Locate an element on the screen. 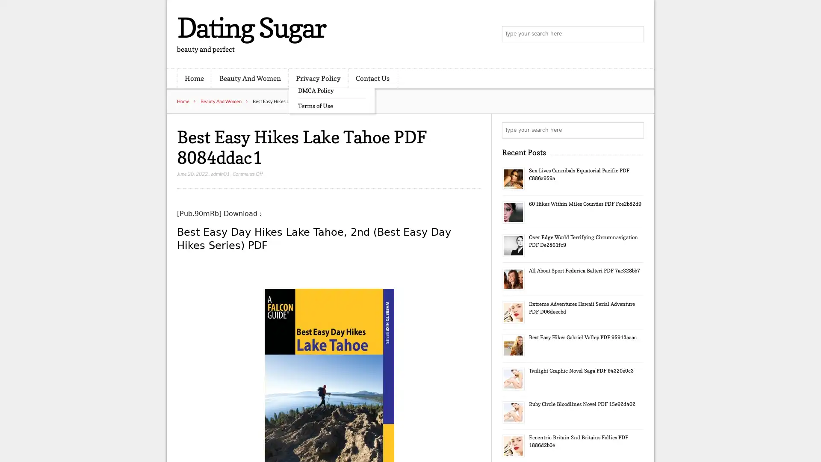 This screenshot has width=821, height=462. Search is located at coordinates (635, 34).